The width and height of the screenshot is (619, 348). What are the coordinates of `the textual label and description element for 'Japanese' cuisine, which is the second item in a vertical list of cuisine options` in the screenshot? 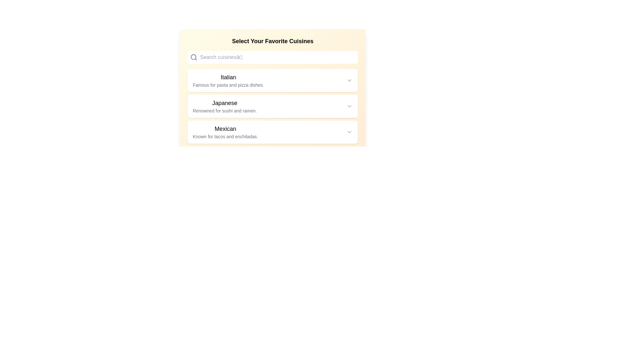 It's located at (225, 106).